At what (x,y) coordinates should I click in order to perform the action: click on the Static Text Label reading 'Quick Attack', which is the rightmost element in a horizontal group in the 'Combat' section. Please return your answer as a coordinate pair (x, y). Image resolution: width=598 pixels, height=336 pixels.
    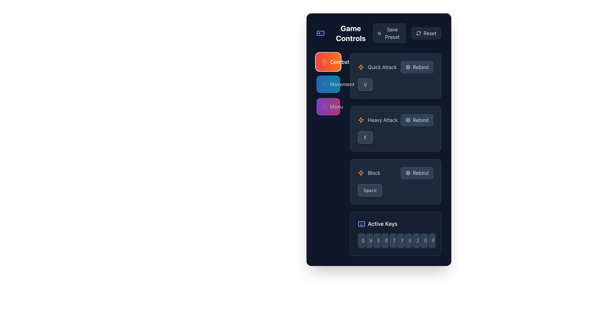
    Looking at the image, I should click on (382, 67).